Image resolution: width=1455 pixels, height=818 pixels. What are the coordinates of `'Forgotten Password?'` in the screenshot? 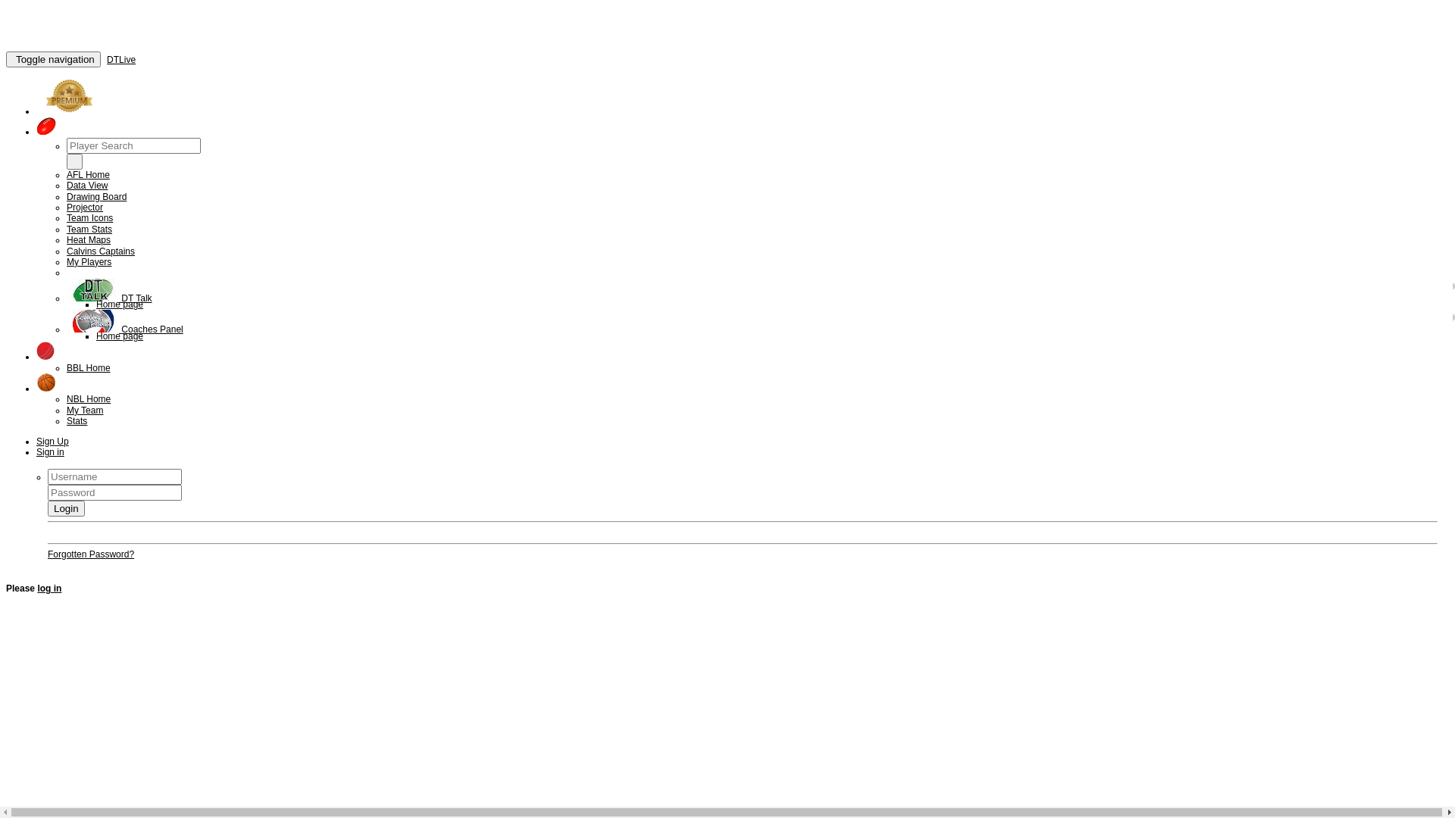 It's located at (47, 554).